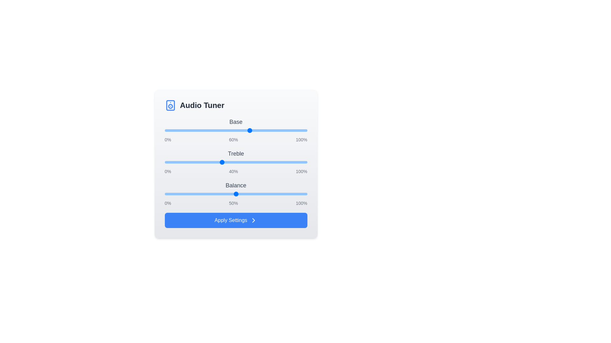  What do you see at coordinates (245, 130) in the screenshot?
I see `the 0 slider to 57%` at bounding box center [245, 130].